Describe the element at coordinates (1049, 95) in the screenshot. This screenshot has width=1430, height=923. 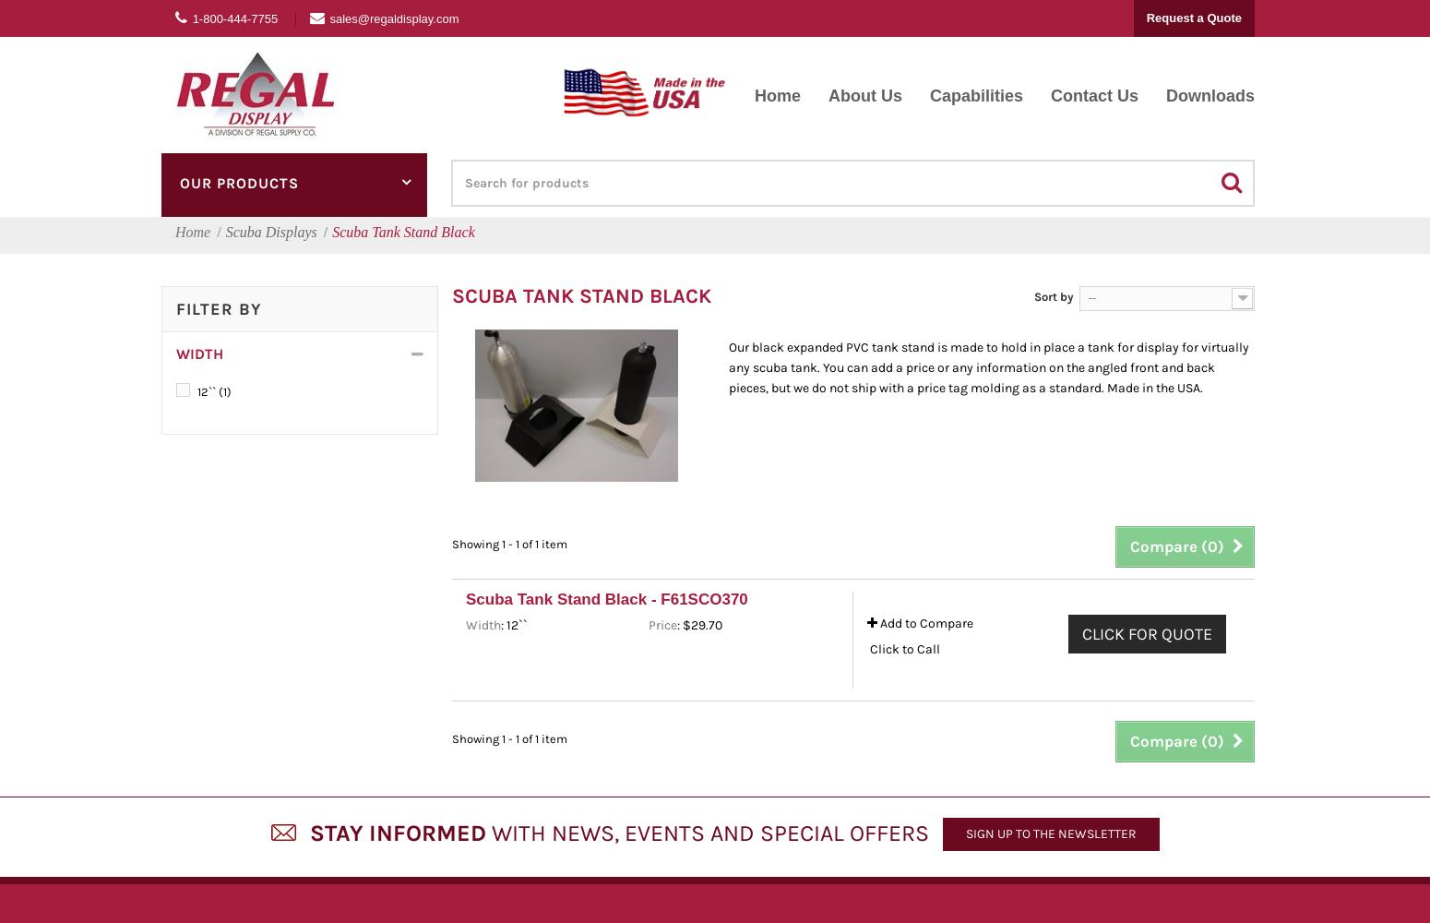
I see `'Contact Us'` at that location.